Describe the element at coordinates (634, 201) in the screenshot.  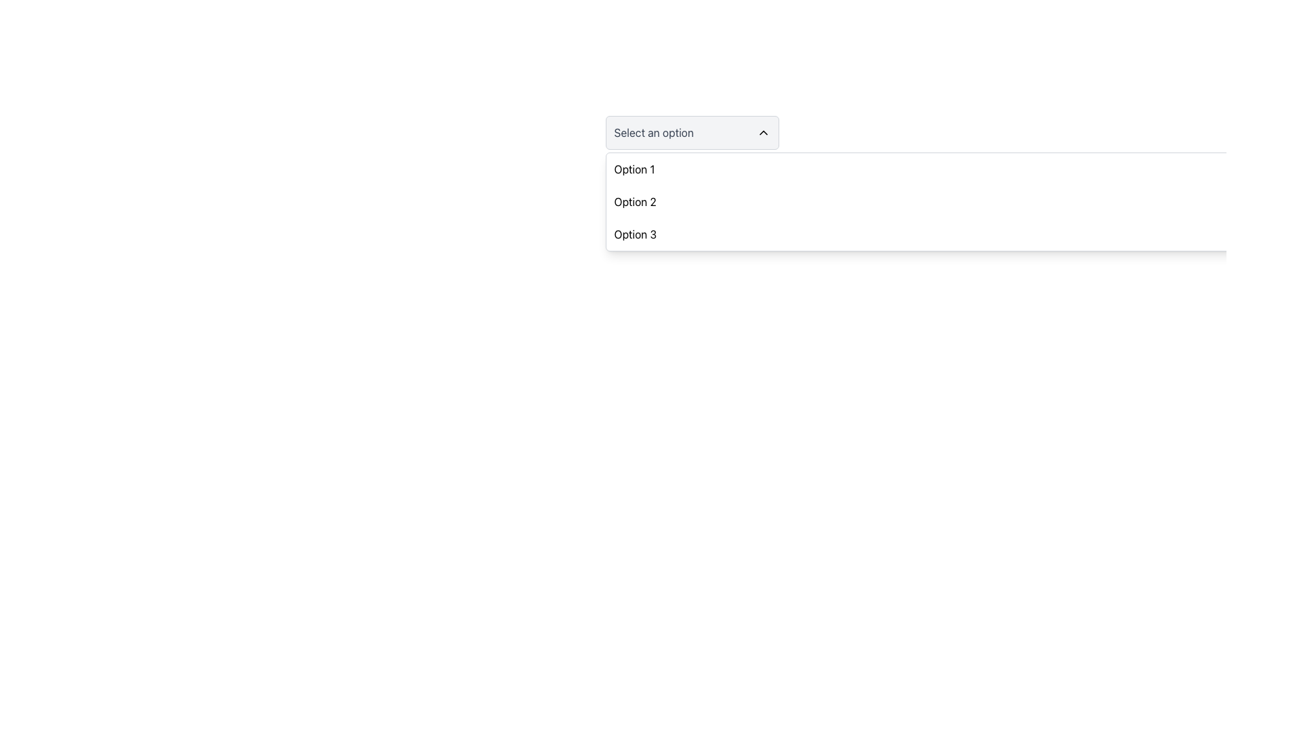
I see `the second option label in the dropdown menu` at that location.